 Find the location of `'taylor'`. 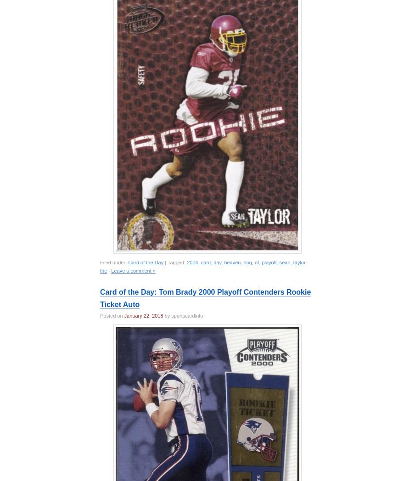

'taylor' is located at coordinates (299, 262).